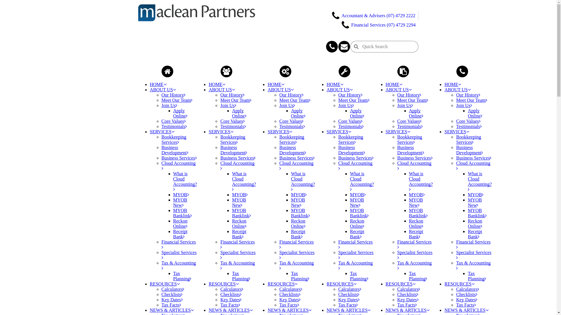 The height and width of the screenshot is (315, 561). I want to click on 'HOME', so click(276, 84).